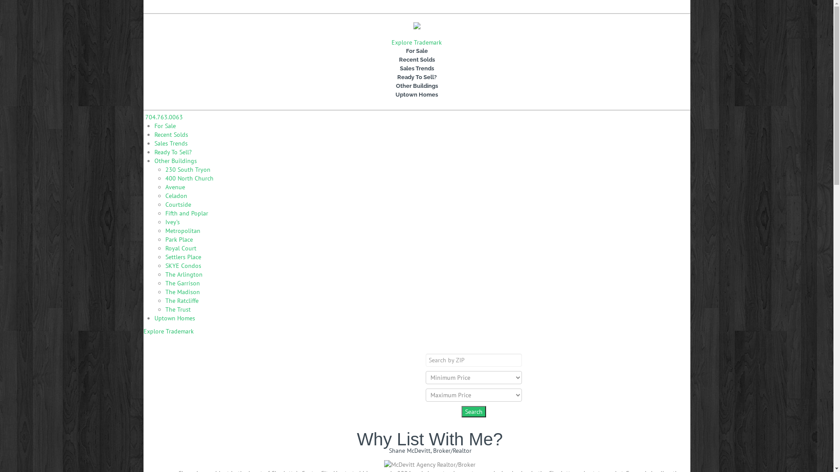  I want to click on 'Uptown Homes', so click(174, 318).